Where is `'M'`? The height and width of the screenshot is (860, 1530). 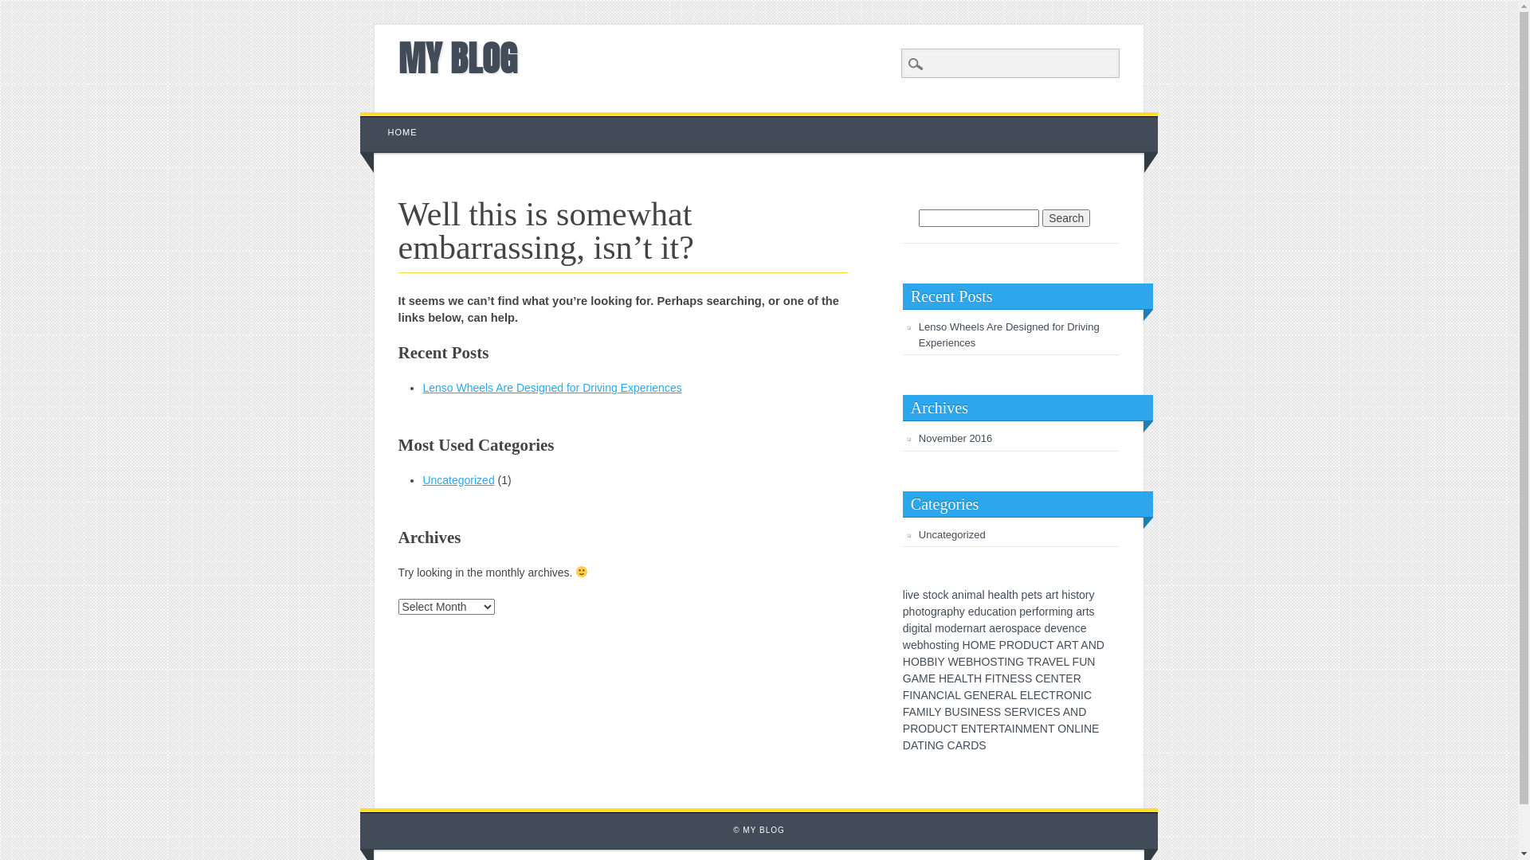 'M' is located at coordinates (923, 678).